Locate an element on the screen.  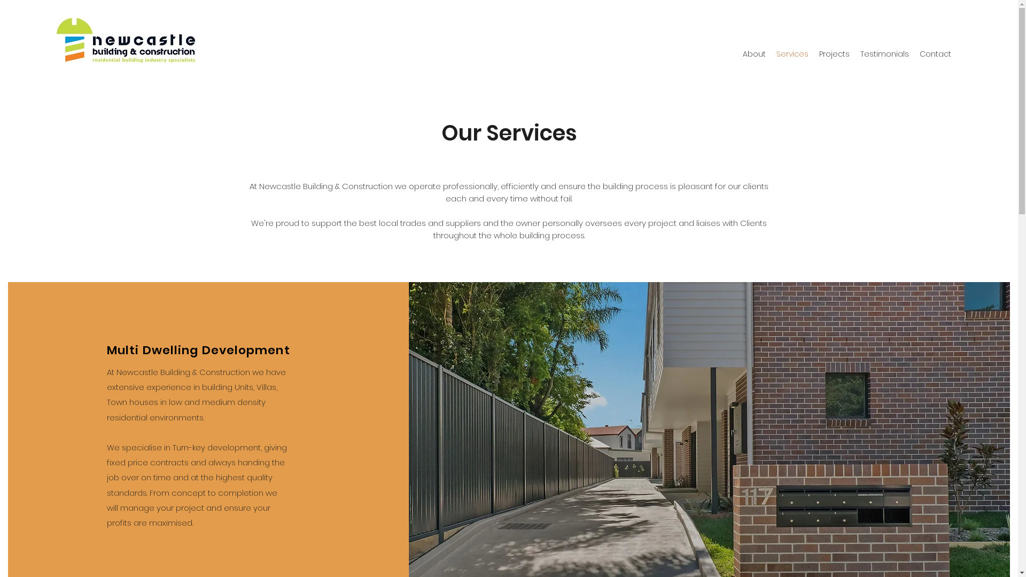
'Testimonials' is located at coordinates (884, 54).